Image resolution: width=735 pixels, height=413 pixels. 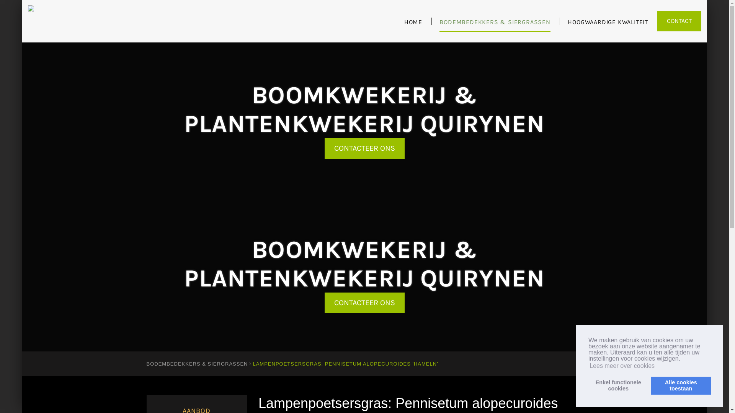 I want to click on 'HOME', so click(x=404, y=24).